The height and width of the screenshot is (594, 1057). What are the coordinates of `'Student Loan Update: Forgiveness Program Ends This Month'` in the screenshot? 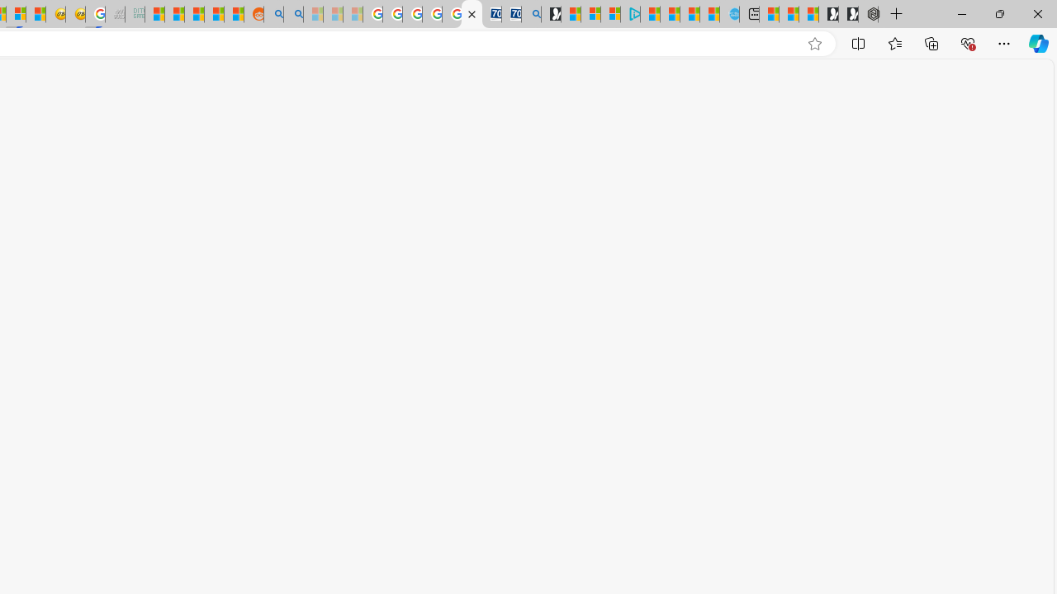 It's located at (213, 14).